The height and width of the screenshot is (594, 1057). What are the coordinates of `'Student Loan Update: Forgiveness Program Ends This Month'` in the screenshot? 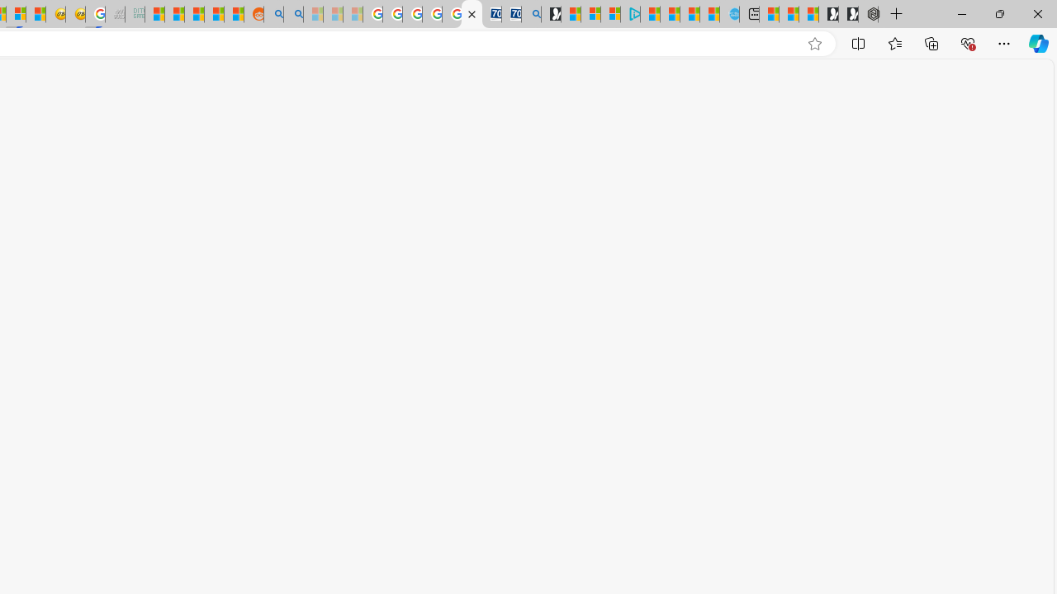 It's located at (213, 14).